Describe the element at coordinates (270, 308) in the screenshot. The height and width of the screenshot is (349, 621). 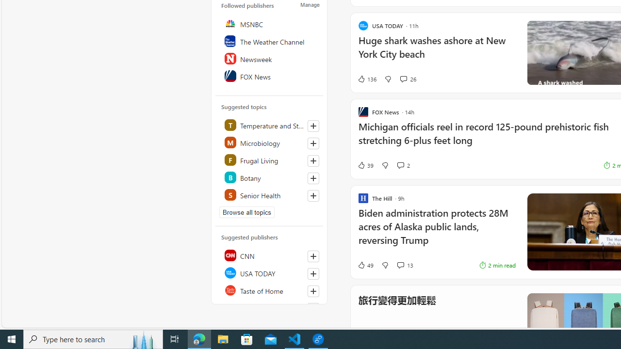
I see `'NBC News'` at that location.